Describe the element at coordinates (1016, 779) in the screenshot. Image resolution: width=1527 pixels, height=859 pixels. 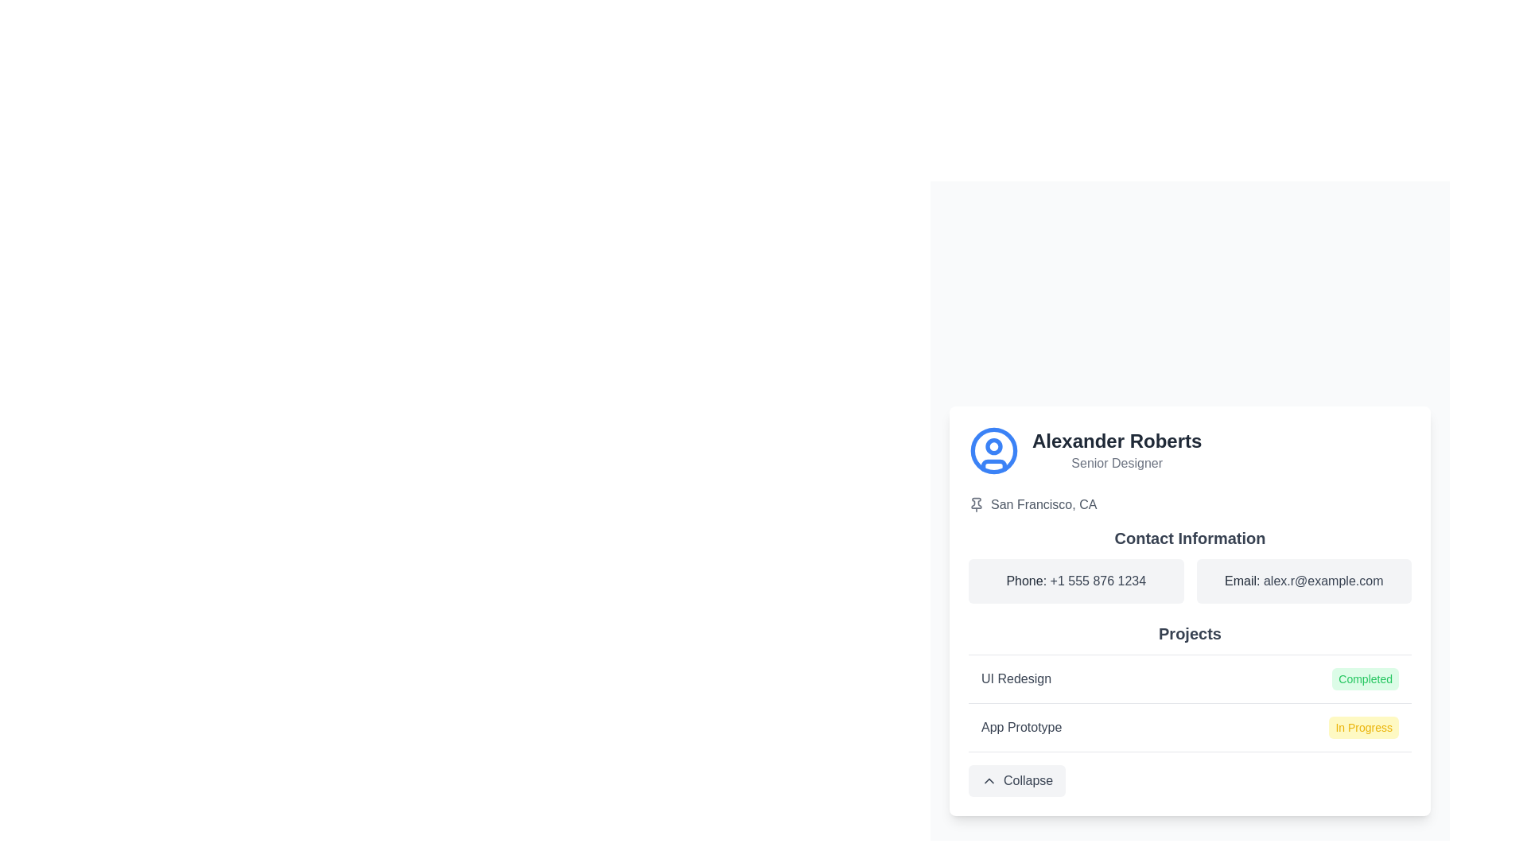
I see `the 'Collapse' button, which features a rounded rectangular shape with a light gray background and darker gray text, located at the bottom of the user details card` at that location.